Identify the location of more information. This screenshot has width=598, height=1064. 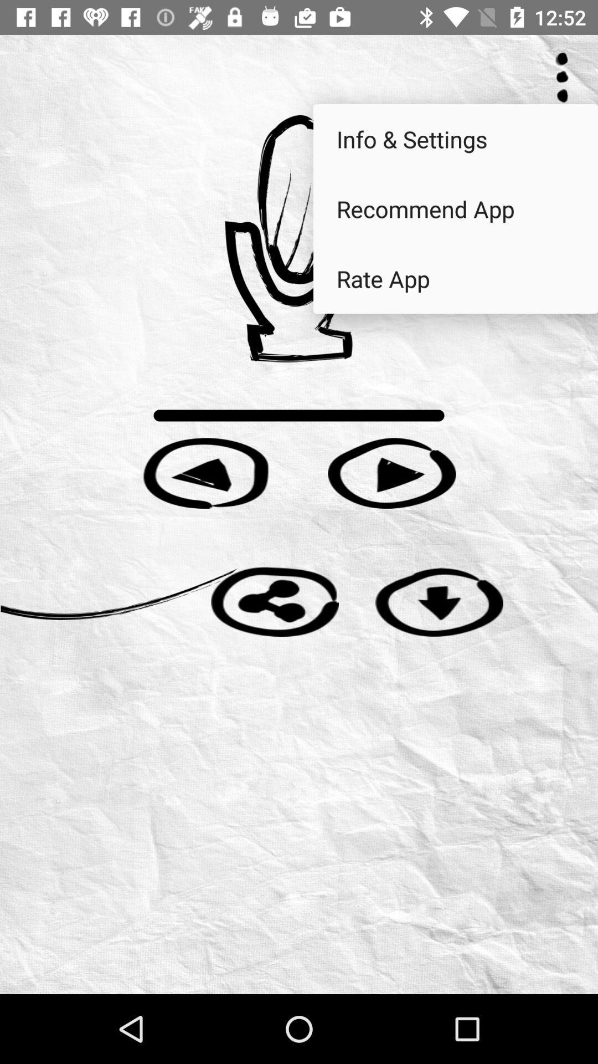
(562, 77).